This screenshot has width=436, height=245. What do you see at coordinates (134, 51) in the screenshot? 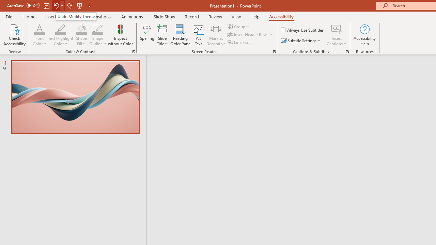
I see `'Color & Contrast'` at bounding box center [134, 51].